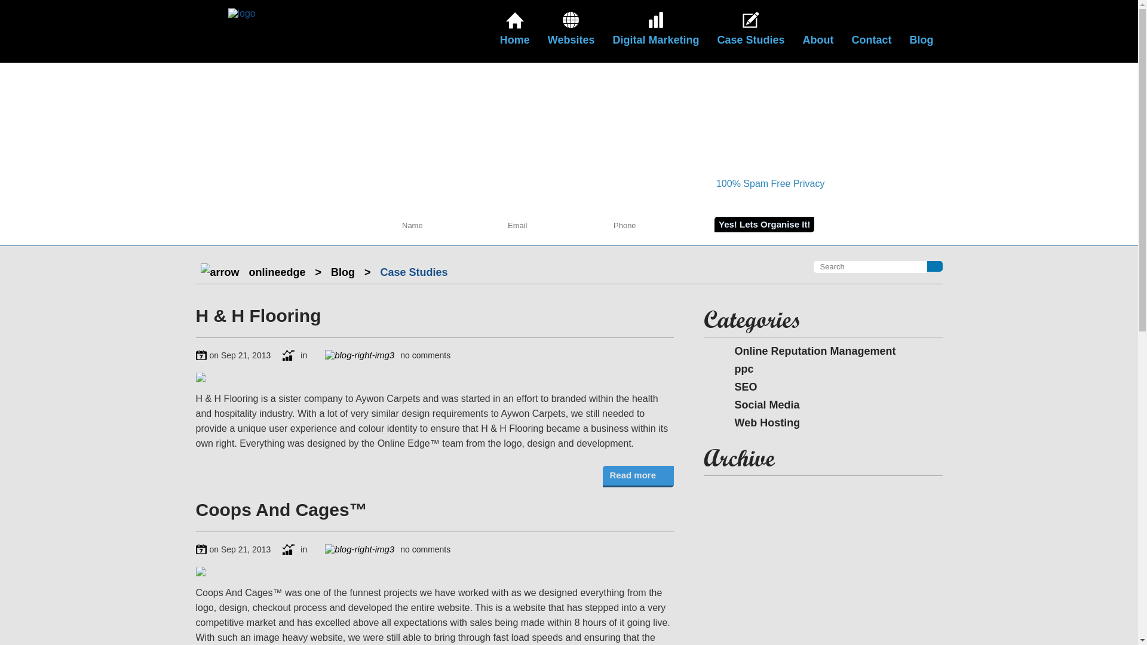 This screenshot has width=1147, height=645. Describe the element at coordinates (571, 30) in the screenshot. I see `'Websites'` at that location.